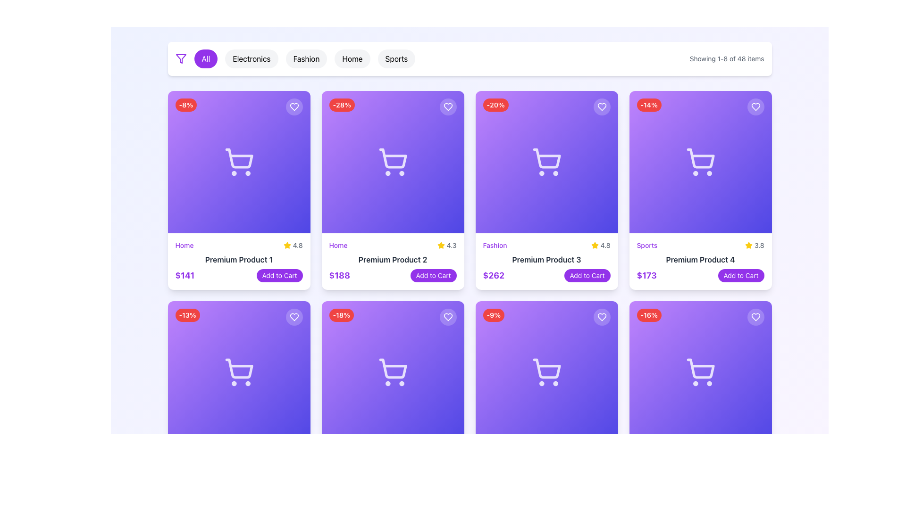  Describe the element at coordinates (740, 276) in the screenshot. I see `the button located in the bottom right section of the fourth product card in the top row of the grid layout` at that location.